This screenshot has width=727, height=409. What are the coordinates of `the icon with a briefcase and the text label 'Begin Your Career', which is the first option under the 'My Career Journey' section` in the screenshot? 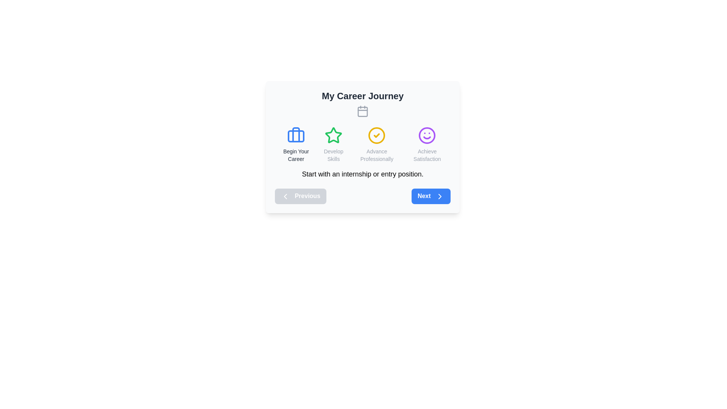 It's located at (296, 144).